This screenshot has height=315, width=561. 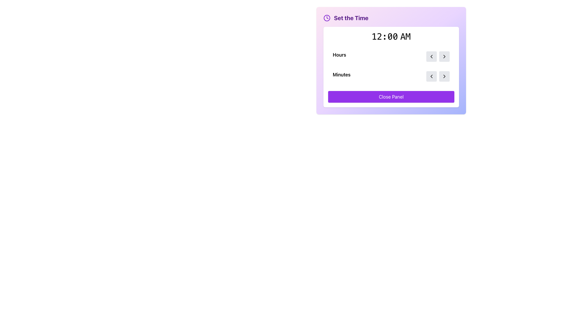 I want to click on the small right-chevron button with a light-gray background located in the 'Set the Time' dialog box to increment the hour, so click(x=444, y=56).